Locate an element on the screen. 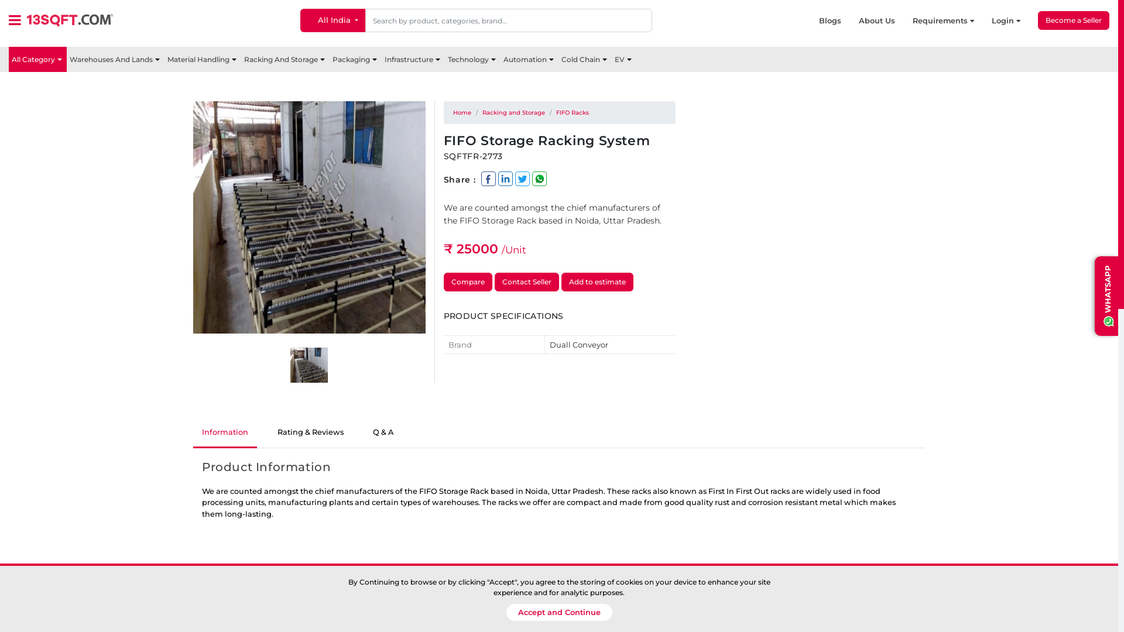 This screenshot has width=1124, height=632. 'EV' is located at coordinates (623, 59).